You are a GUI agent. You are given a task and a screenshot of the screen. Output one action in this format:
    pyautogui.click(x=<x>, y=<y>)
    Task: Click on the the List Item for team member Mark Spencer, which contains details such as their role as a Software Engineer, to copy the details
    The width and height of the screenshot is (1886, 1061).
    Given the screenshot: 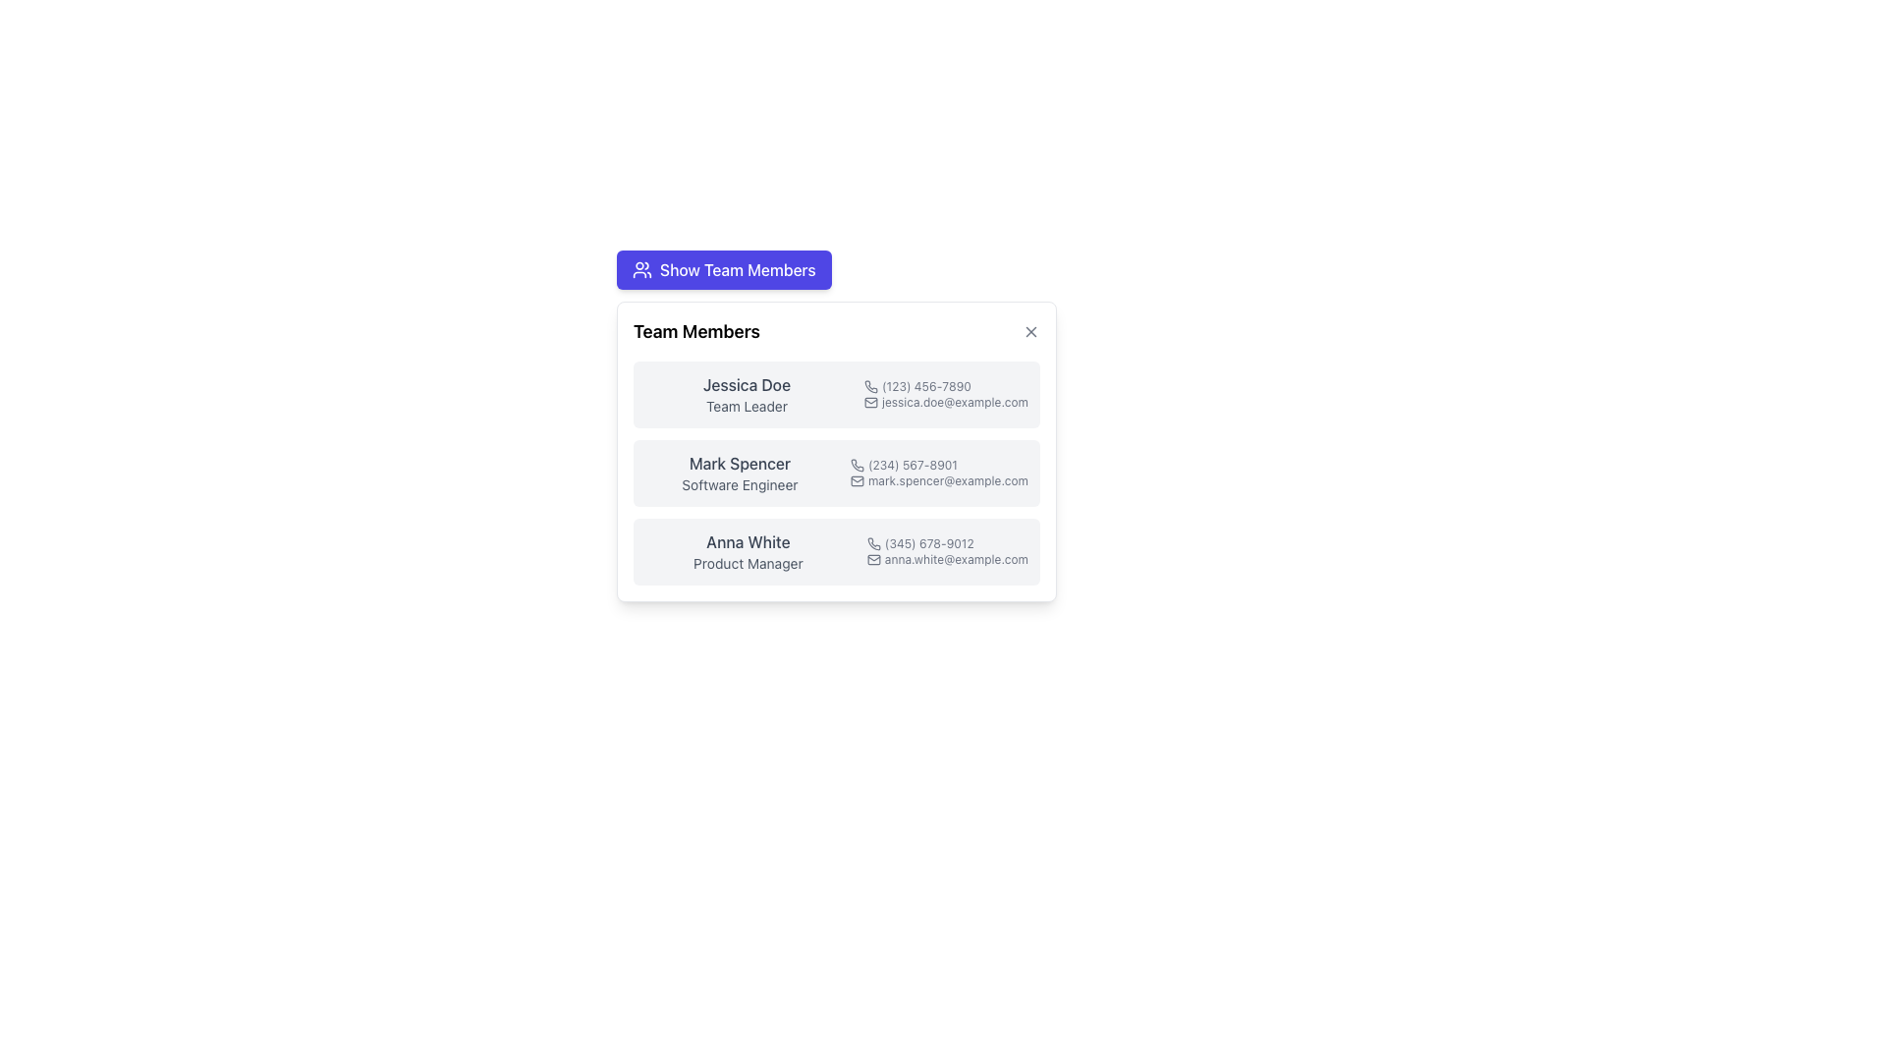 What is the action you would take?
    pyautogui.click(x=836, y=451)
    